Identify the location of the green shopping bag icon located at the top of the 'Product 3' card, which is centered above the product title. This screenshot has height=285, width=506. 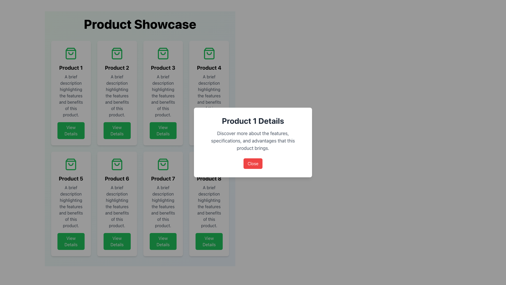
(163, 54).